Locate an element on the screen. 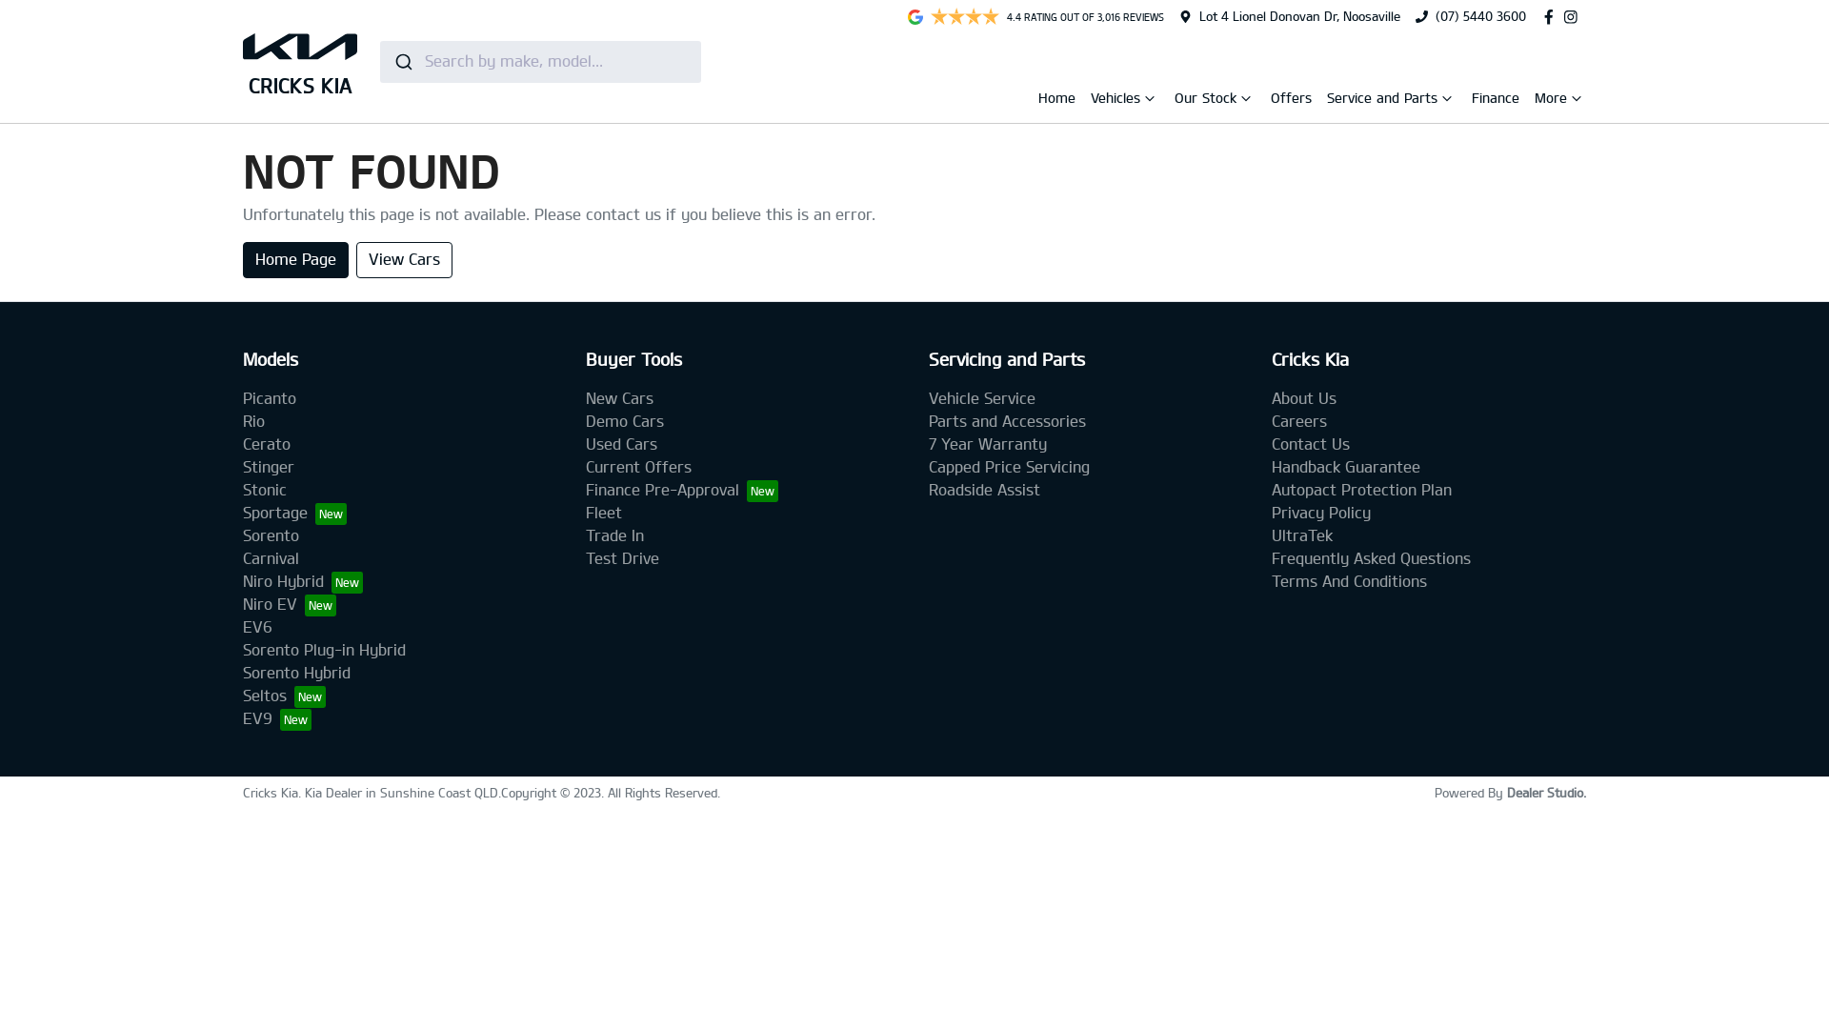  'UltraTek' is located at coordinates (1301, 535).